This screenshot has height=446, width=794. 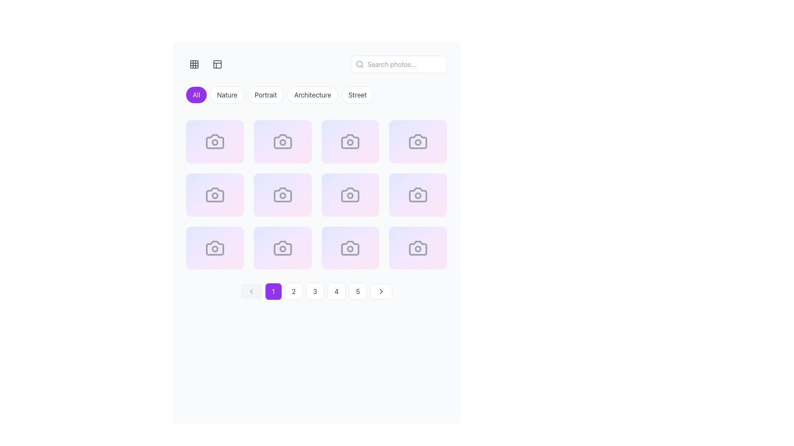 What do you see at coordinates (350, 141) in the screenshot?
I see `the camera icon located in the second row and second column of the grid layout, which features a rectangular body and a circular lens` at bounding box center [350, 141].